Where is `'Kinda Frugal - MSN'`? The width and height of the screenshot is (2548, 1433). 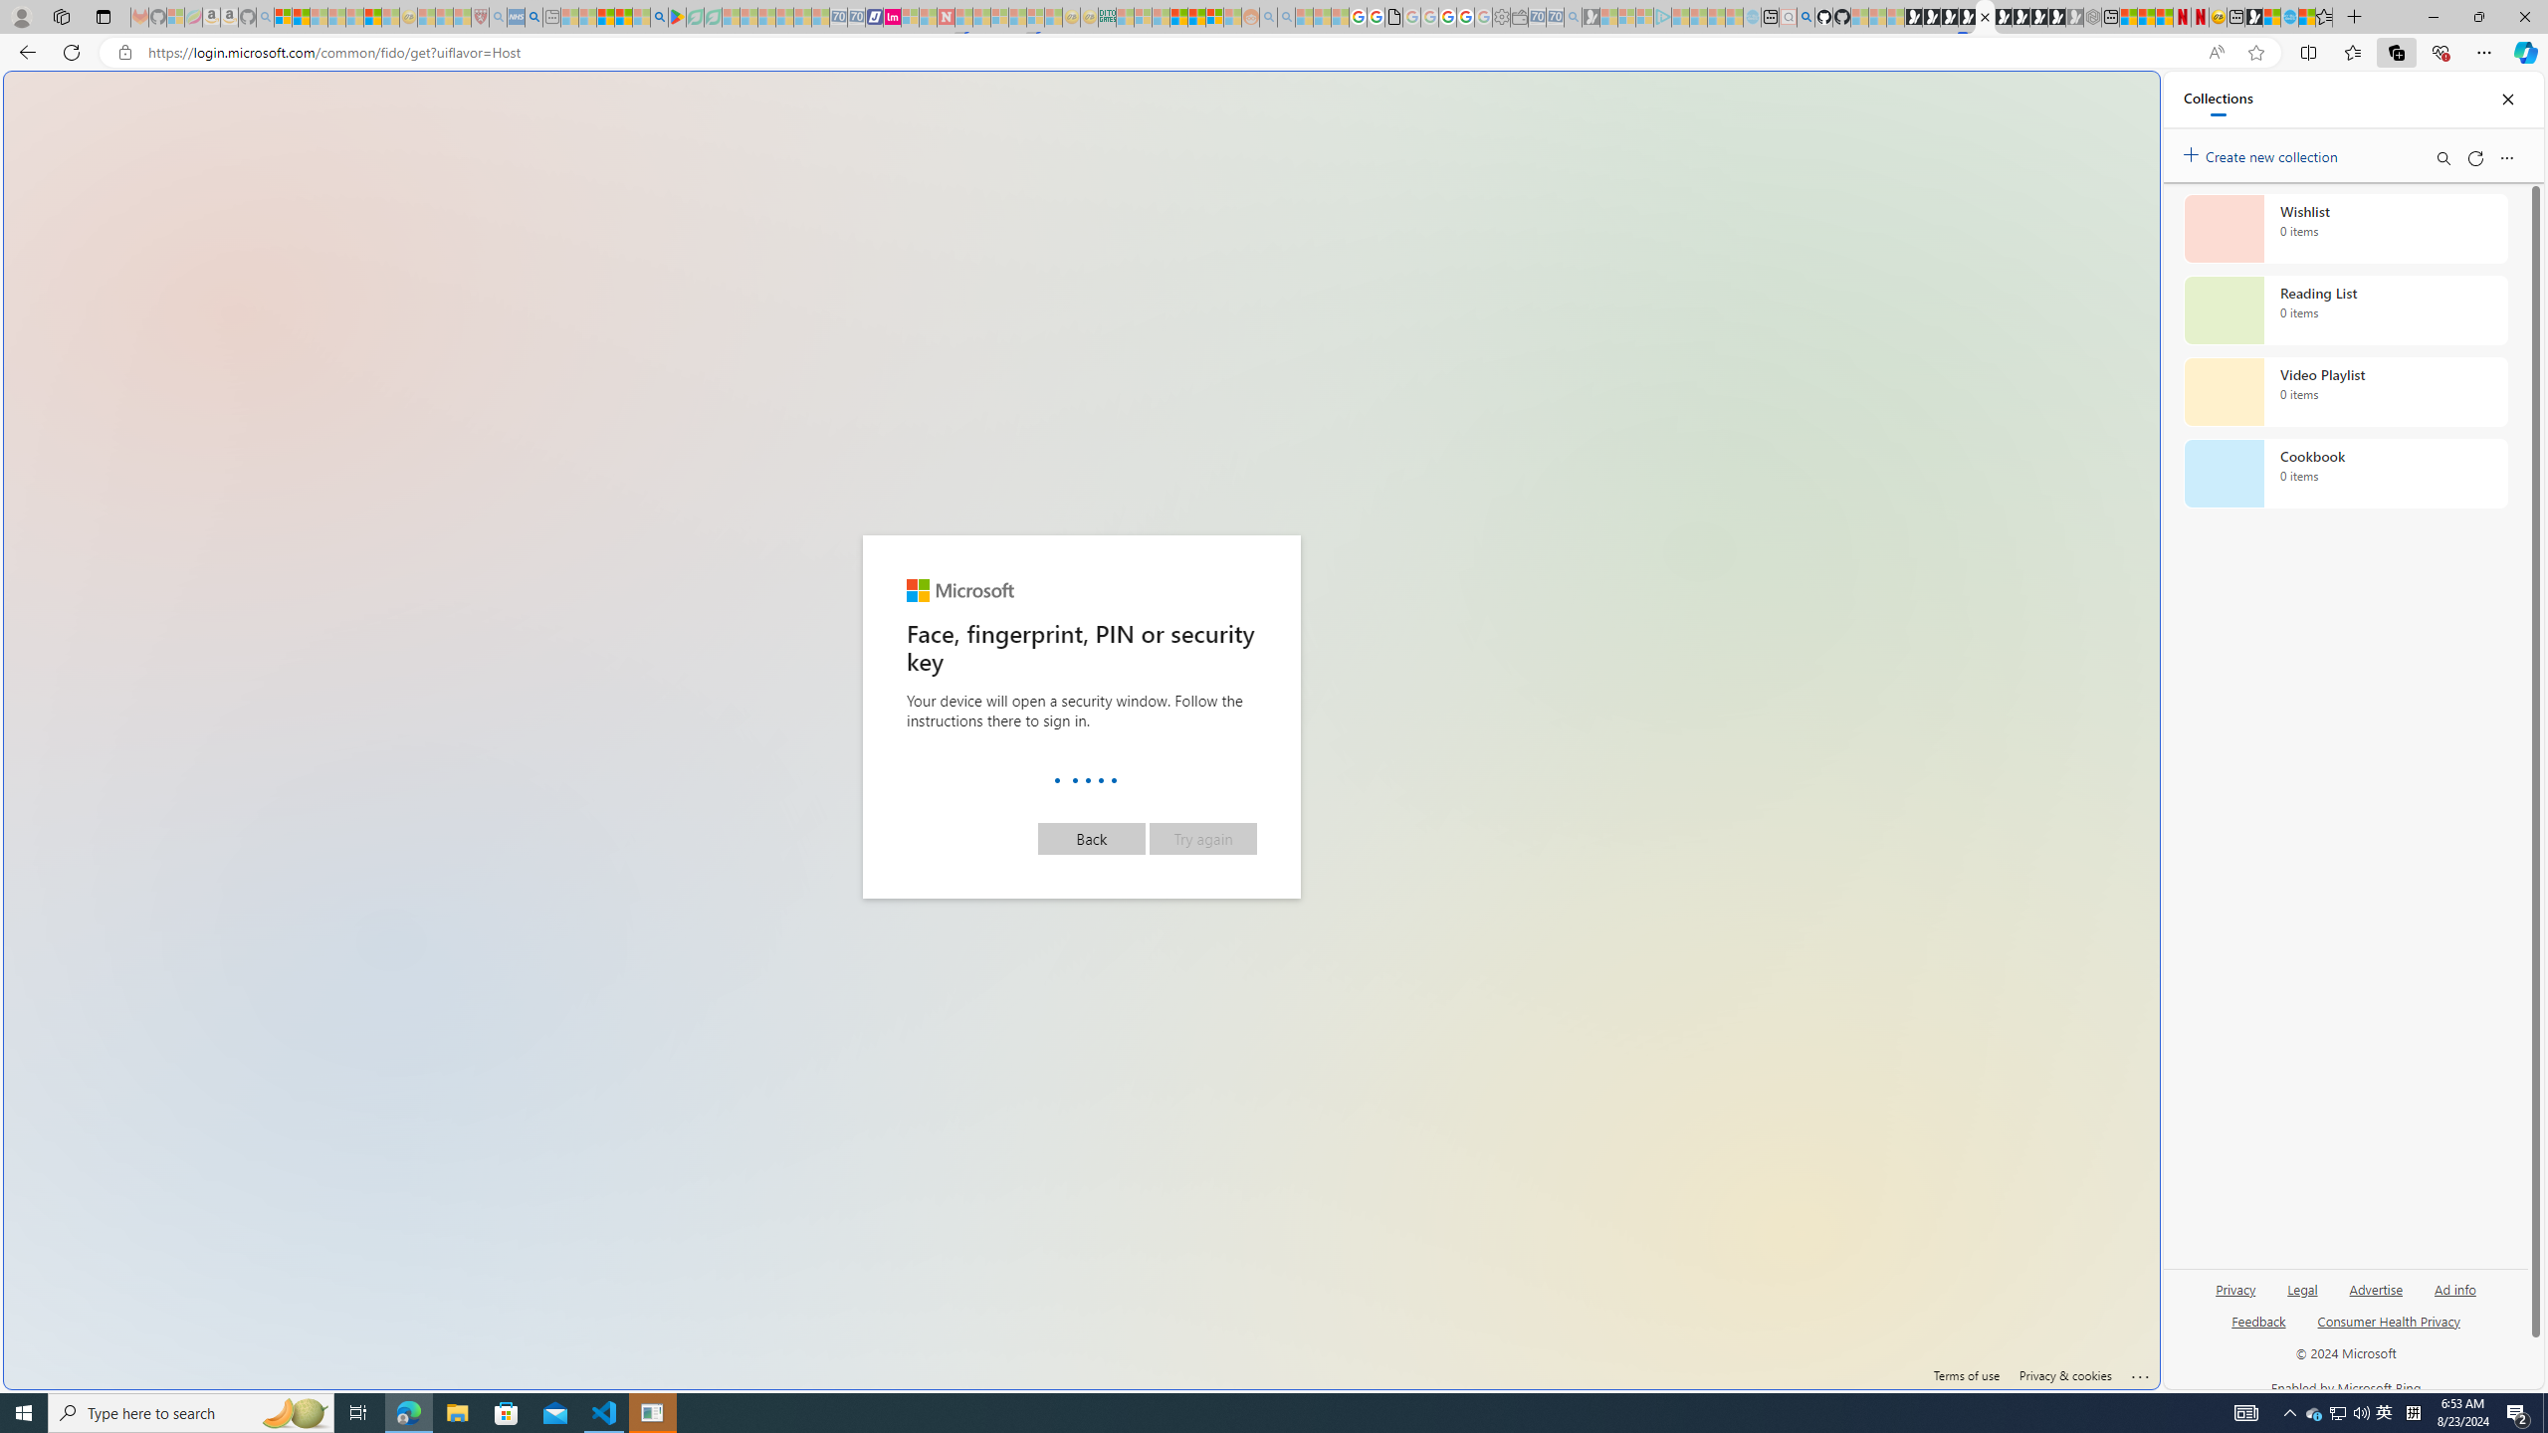 'Kinda Frugal - MSN' is located at coordinates (1196, 16).